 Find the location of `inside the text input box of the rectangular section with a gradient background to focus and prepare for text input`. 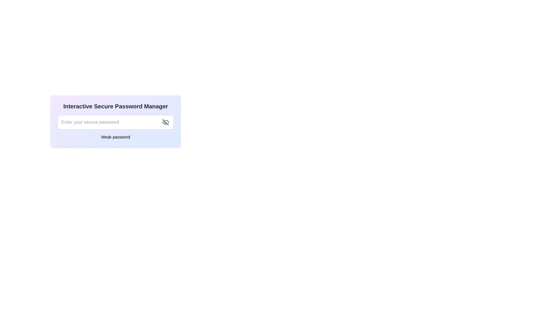

inside the text input box of the rectangular section with a gradient background to focus and prepare for text input is located at coordinates (116, 121).